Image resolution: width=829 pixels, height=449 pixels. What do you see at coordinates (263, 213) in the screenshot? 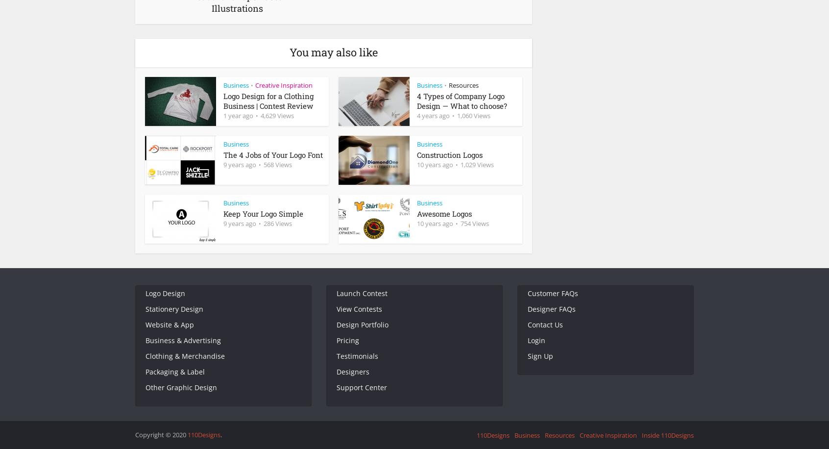
I see `'Keep Your Logo Simple'` at bounding box center [263, 213].